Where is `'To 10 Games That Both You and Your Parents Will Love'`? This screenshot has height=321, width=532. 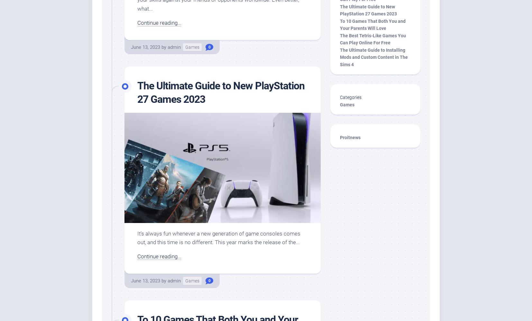
'To 10 Games That Both You and Your Parents Will Love' is located at coordinates (340, 24).